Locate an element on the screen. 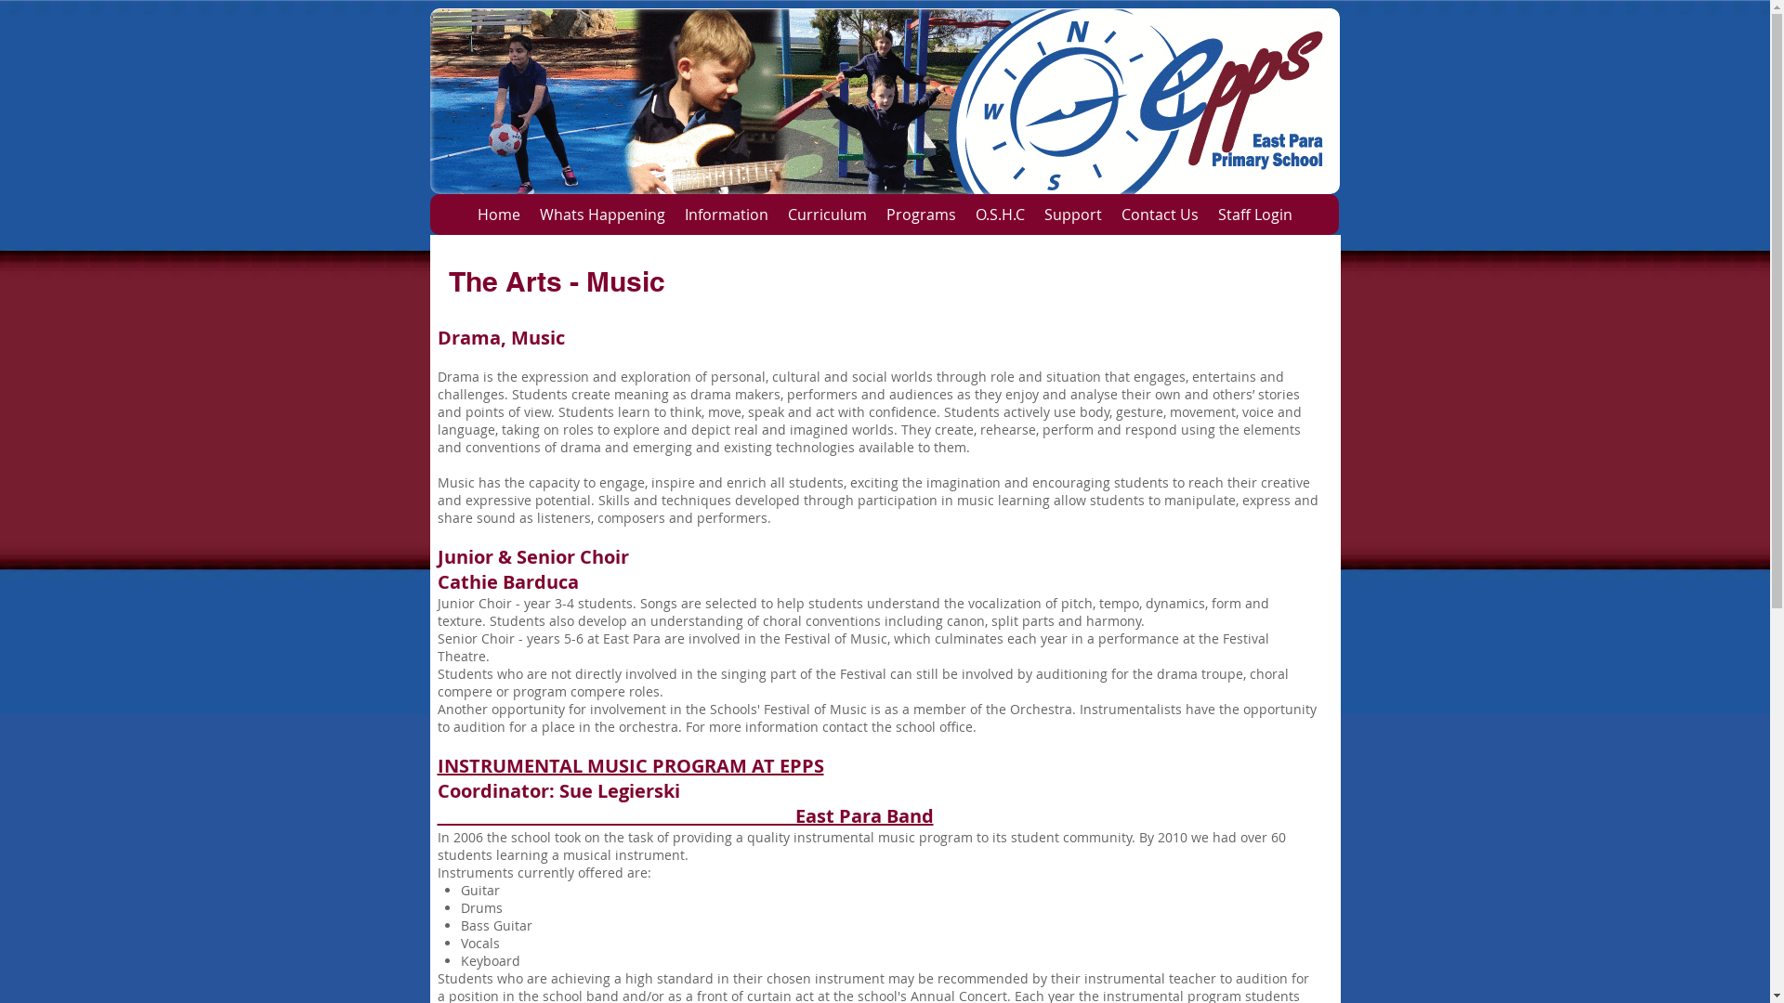 The width and height of the screenshot is (1784, 1003). 'Home' is located at coordinates (497, 214).